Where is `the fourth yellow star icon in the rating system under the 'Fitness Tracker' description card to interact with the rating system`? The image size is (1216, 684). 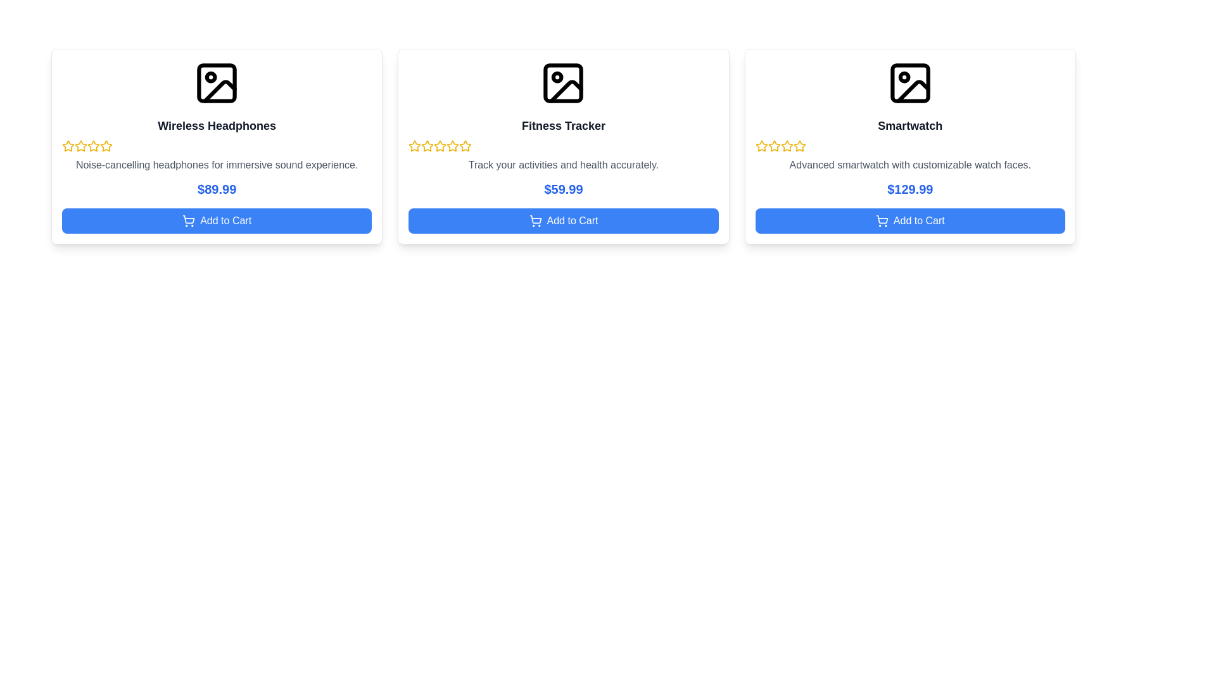 the fourth yellow star icon in the rating system under the 'Fitness Tracker' description card to interact with the rating system is located at coordinates (465, 146).